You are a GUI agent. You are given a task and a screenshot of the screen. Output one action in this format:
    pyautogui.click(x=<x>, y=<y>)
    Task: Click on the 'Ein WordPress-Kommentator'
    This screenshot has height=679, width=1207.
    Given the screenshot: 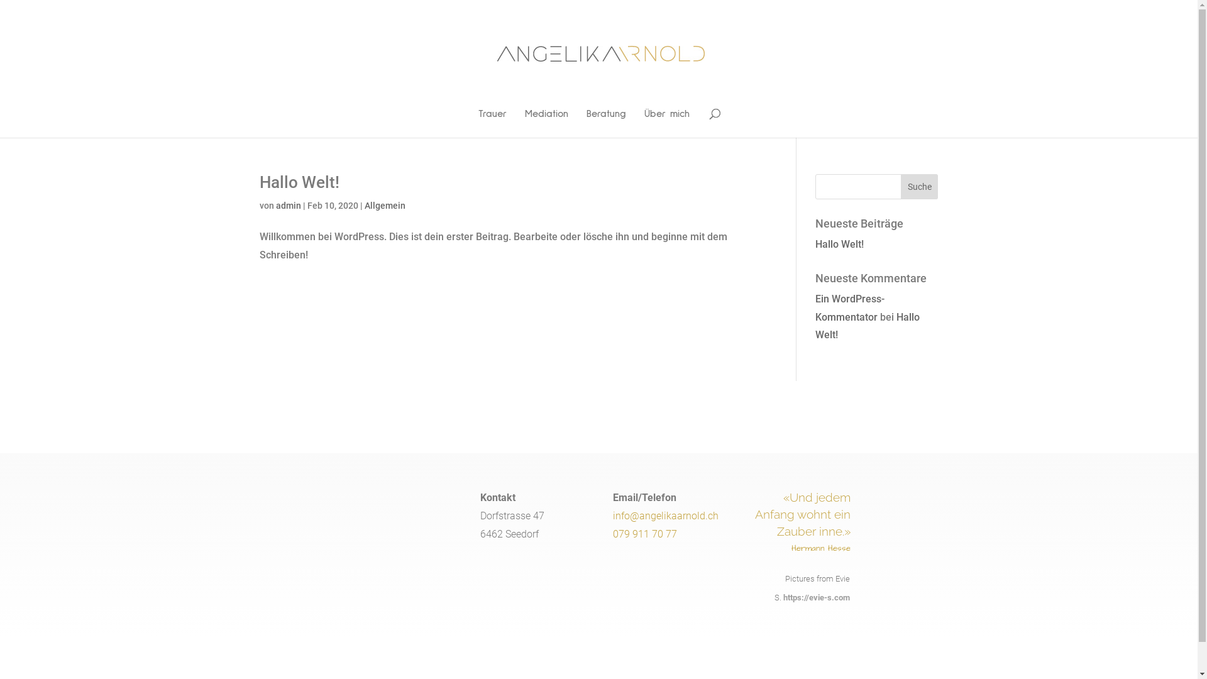 What is the action you would take?
    pyautogui.click(x=850, y=307)
    